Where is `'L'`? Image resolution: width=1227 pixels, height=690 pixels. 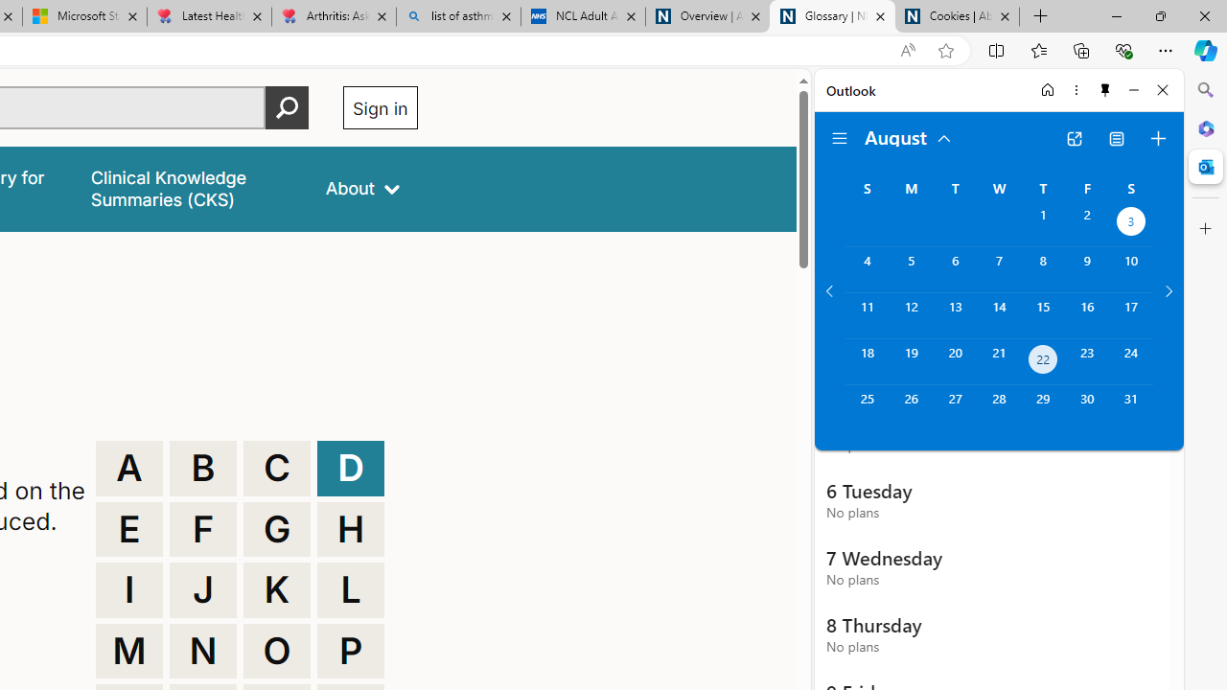 'L' is located at coordinates (351, 588).